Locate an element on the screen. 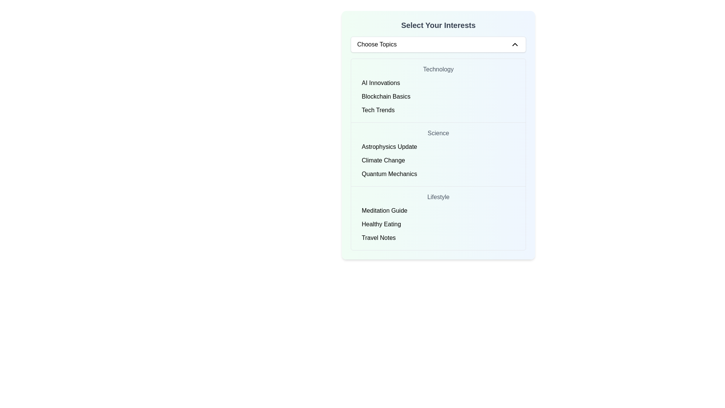  the text label displaying 'Blockchain Basics' which is the second item is located at coordinates (386, 96).